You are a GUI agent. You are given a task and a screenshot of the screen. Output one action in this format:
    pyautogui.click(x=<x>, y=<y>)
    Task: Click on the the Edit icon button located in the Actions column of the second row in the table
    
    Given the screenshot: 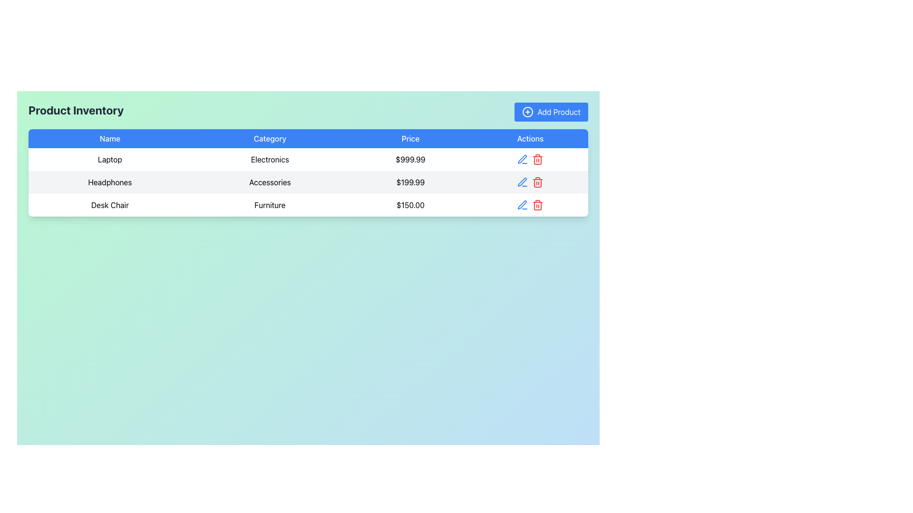 What is the action you would take?
    pyautogui.click(x=522, y=182)
    